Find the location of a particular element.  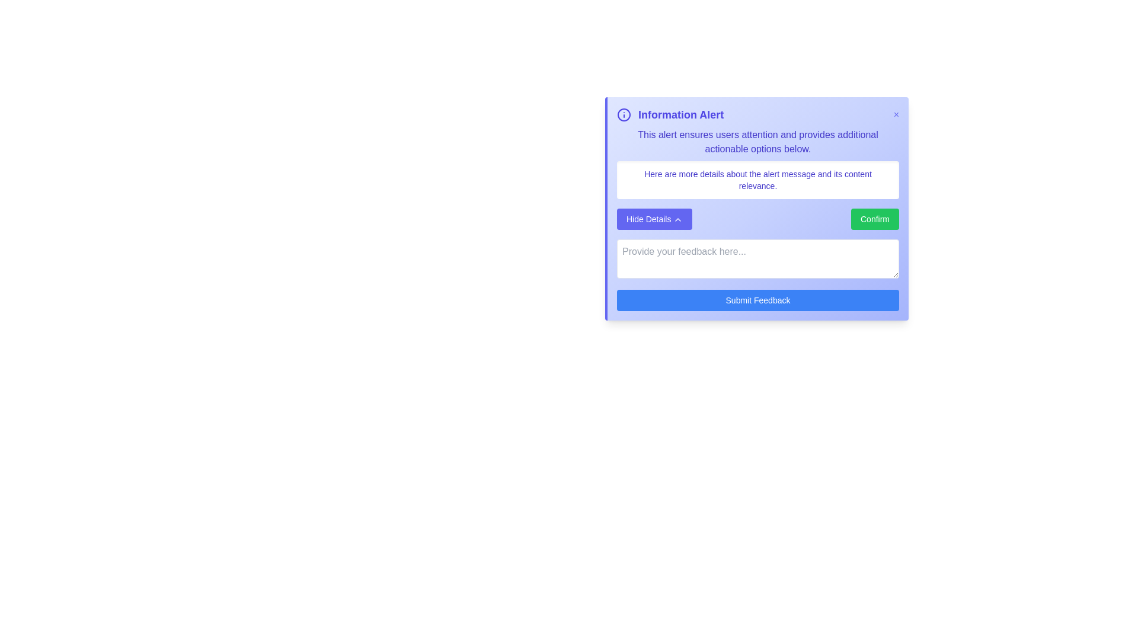

the 'Confirm' button to confirm the action is located at coordinates (875, 219).